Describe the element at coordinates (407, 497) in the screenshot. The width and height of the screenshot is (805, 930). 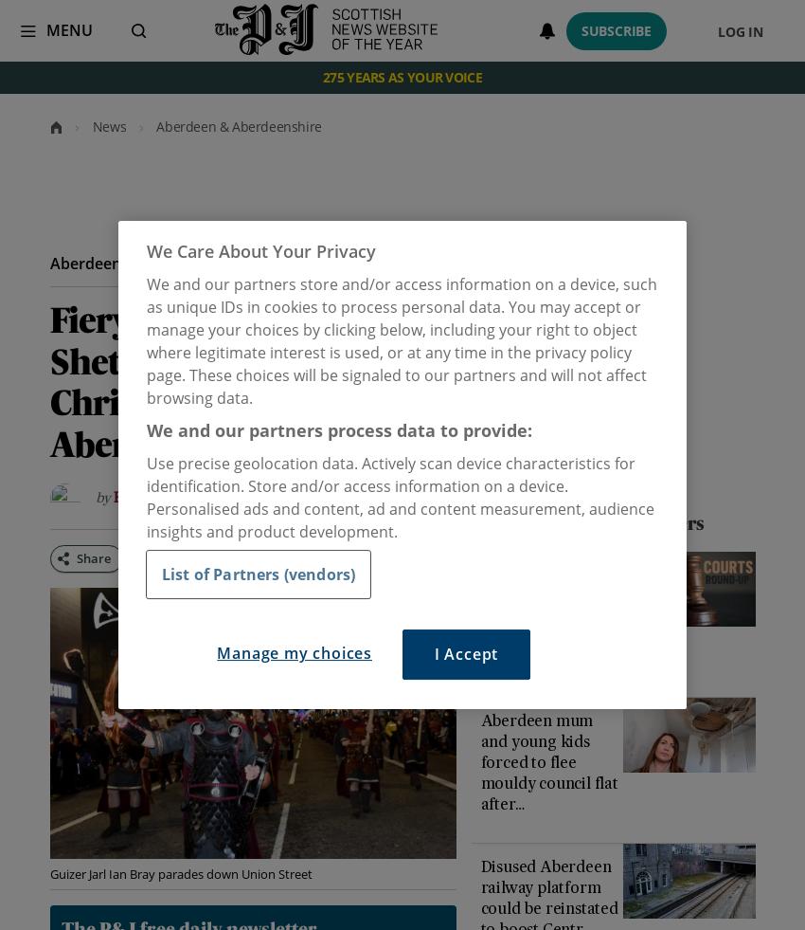
I see `'2018,'` at that location.